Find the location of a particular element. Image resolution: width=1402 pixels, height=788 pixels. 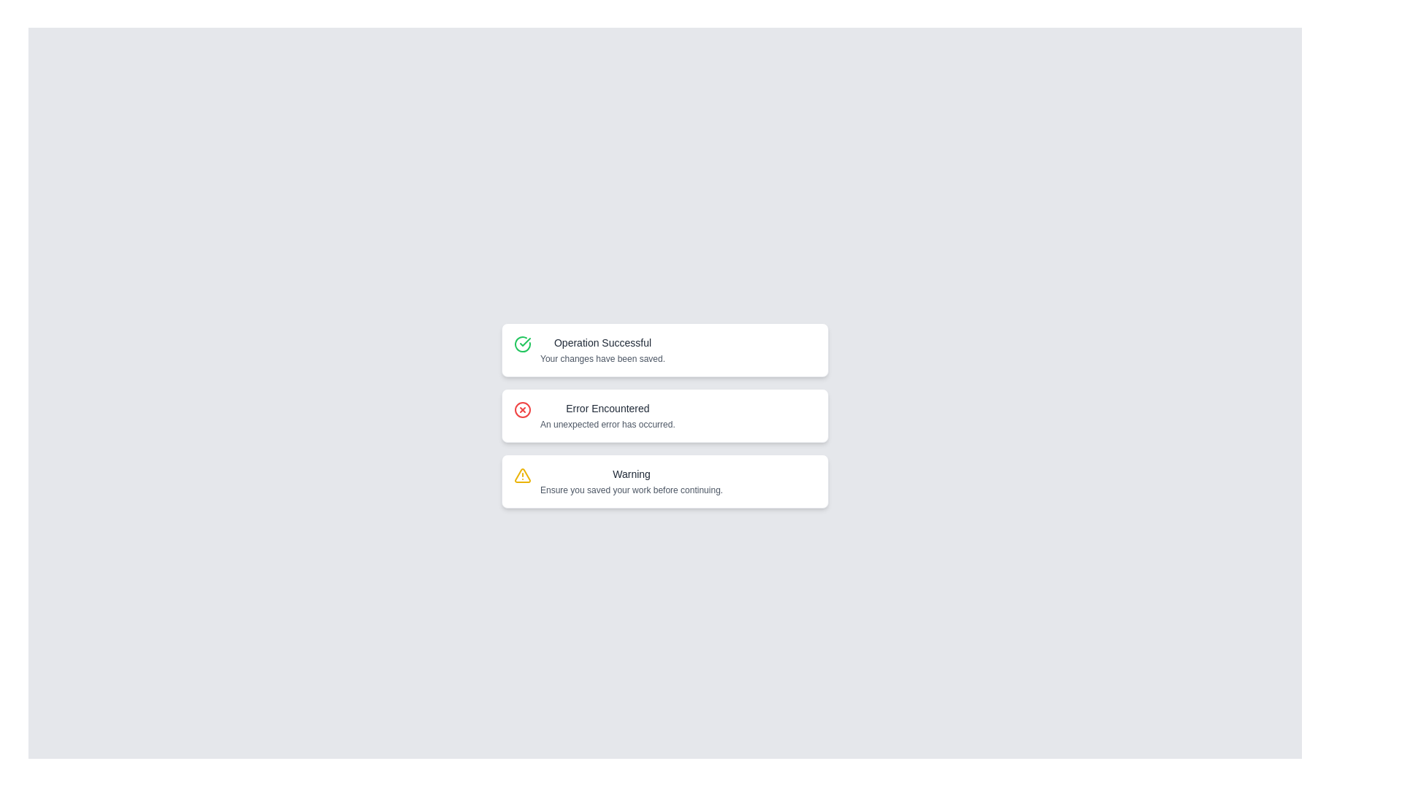

text label displaying 'Error Encountered' which is the header within the notification card is located at coordinates (608, 408).